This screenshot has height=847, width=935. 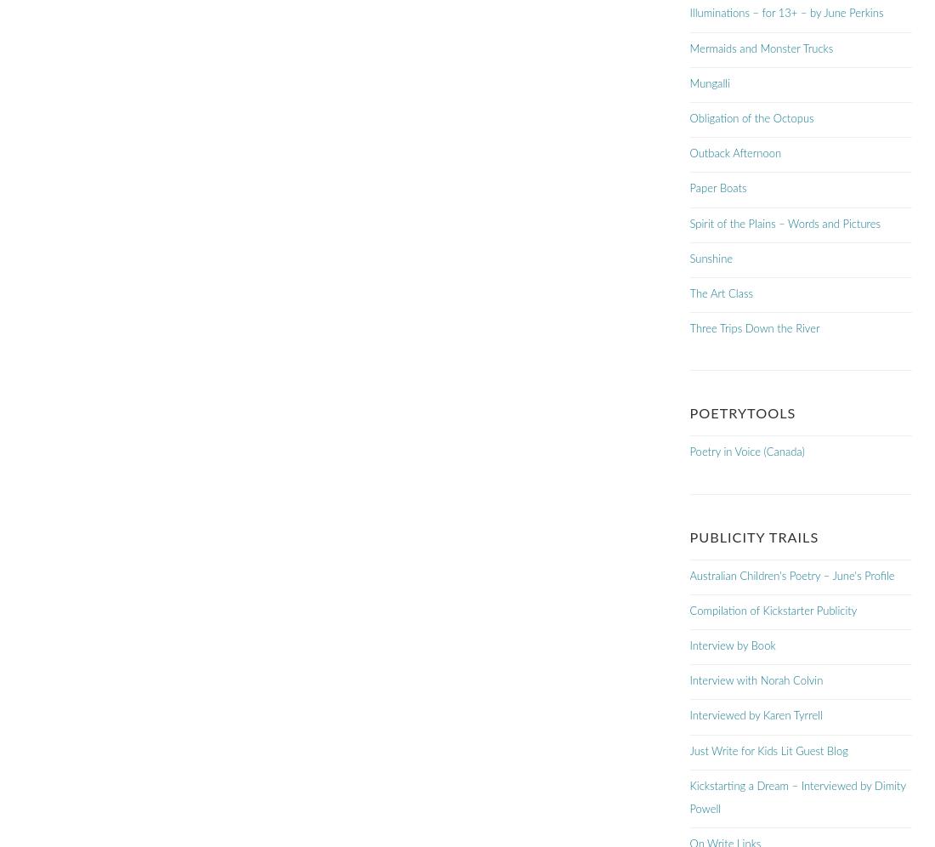 I want to click on 'Spirit of the Plains – Words and Pictures', so click(x=785, y=224).